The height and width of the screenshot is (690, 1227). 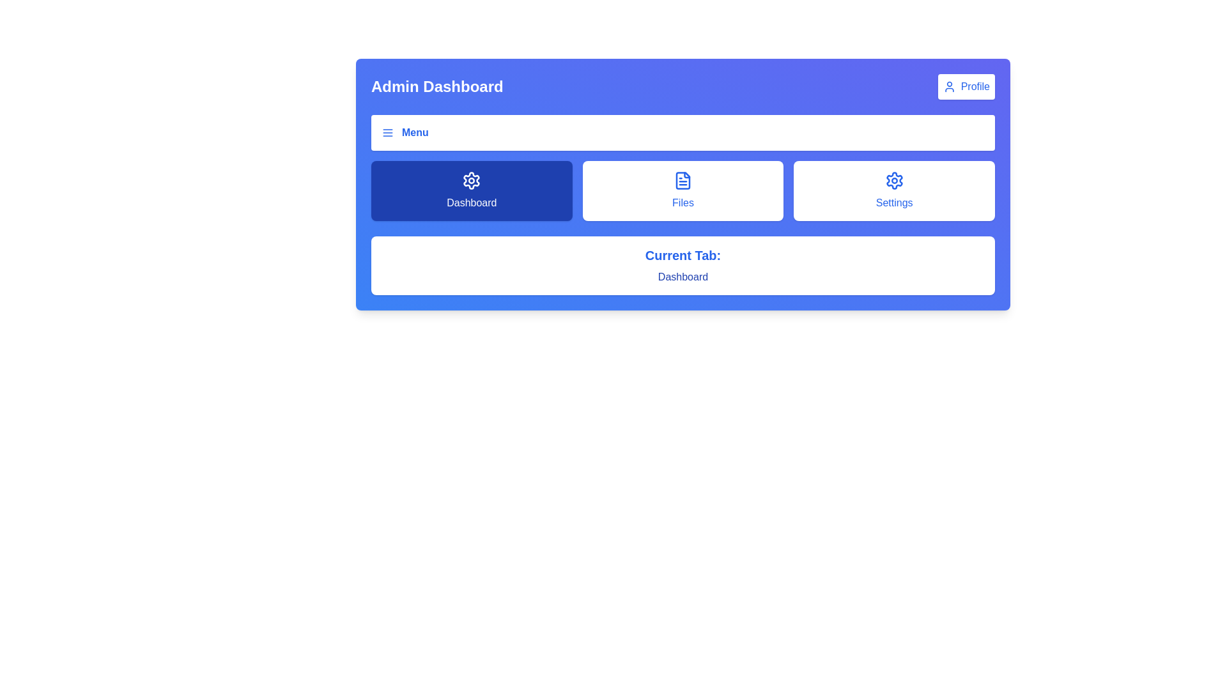 What do you see at coordinates (387, 133) in the screenshot?
I see `the three-lined 'hamburger' menu icon located in the top-left section of the interface` at bounding box center [387, 133].